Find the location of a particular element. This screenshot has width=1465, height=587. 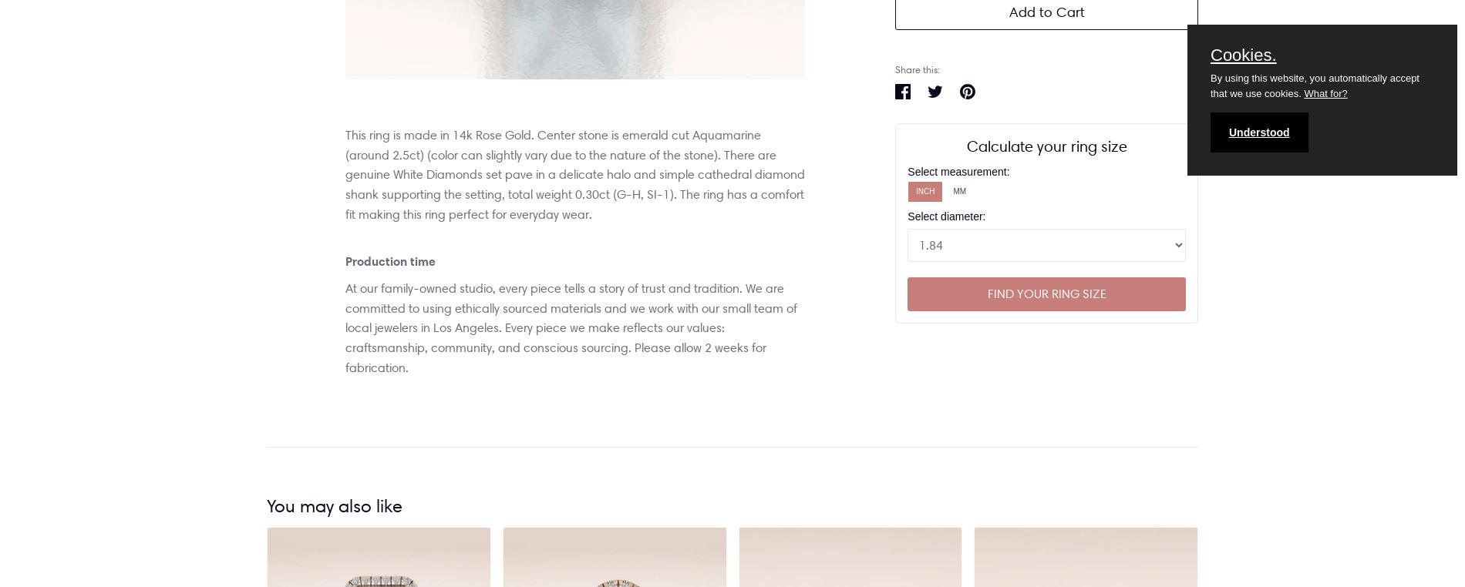

'Select diameter:' is located at coordinates (945, 215).